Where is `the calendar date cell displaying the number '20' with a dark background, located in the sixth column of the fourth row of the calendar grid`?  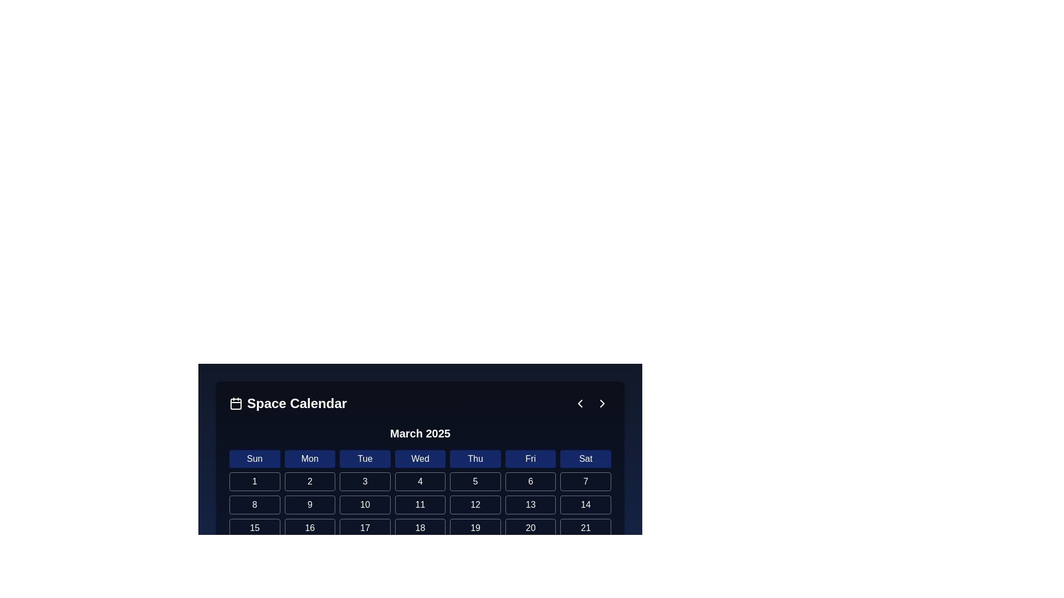 the calendar date cell displaying the number '20' with a dark background, located in the sixth column of the fourth row of the calendar grid is located at coordinates (530, 527).